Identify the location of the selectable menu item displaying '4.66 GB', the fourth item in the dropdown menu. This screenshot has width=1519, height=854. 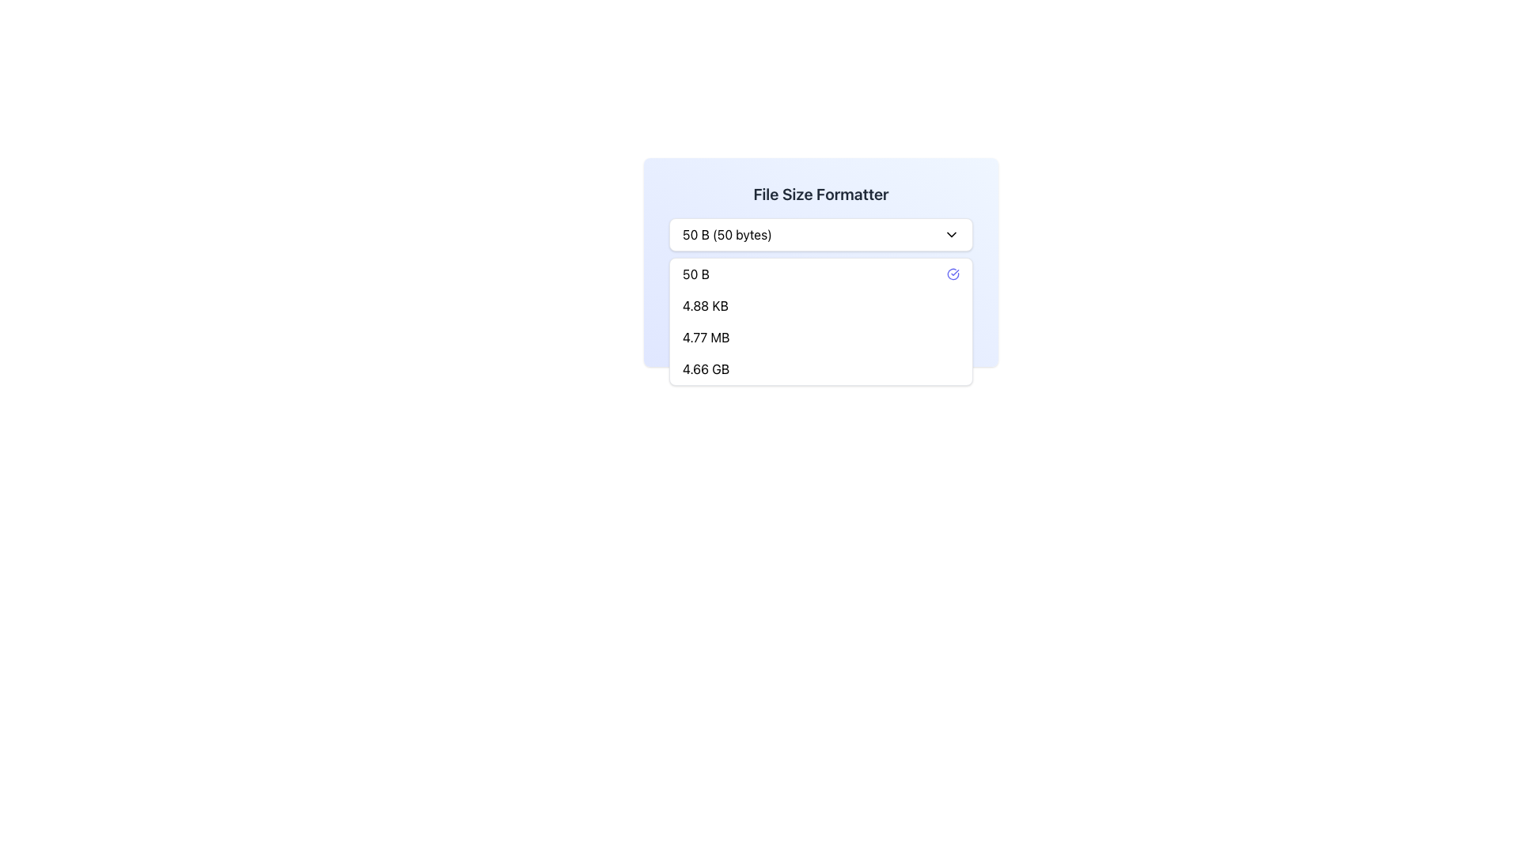
(820, 368).